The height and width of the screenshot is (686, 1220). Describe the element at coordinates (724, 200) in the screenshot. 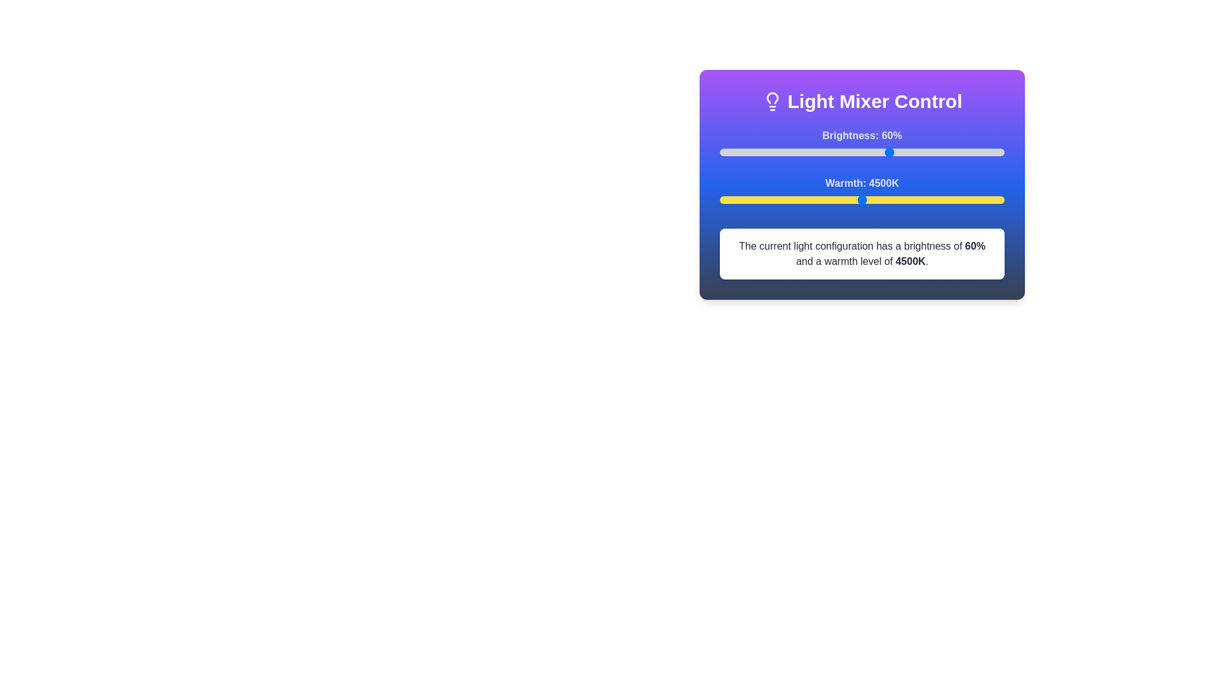

I see `the warmth slider to set the warmth level to 2072 K` at that location.